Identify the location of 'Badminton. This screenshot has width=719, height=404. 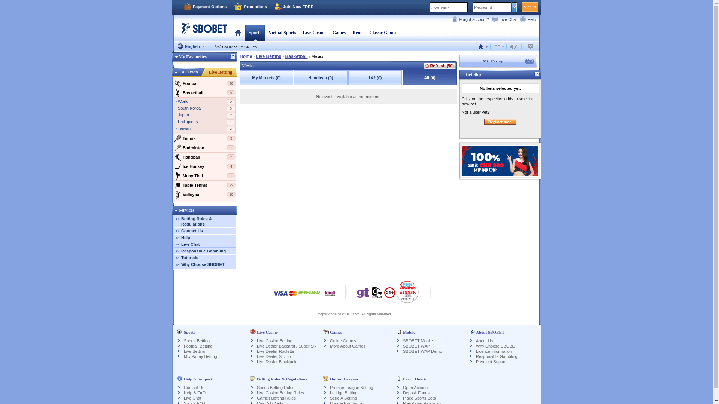
(204, 147).